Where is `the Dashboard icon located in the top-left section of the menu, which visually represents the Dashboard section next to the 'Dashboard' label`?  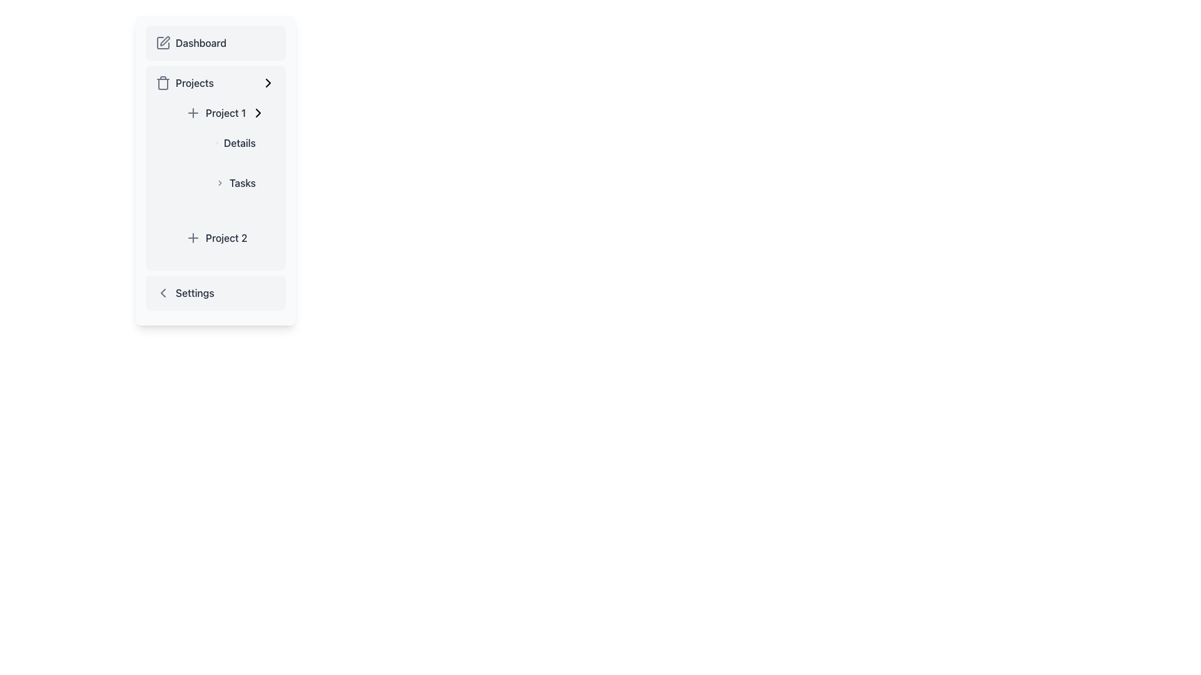
the Dashboard icon located in the top-left section of the menu, which visually represents the Dashboard section next to the 'Dashboard' label is located at coordinates (162, 42).